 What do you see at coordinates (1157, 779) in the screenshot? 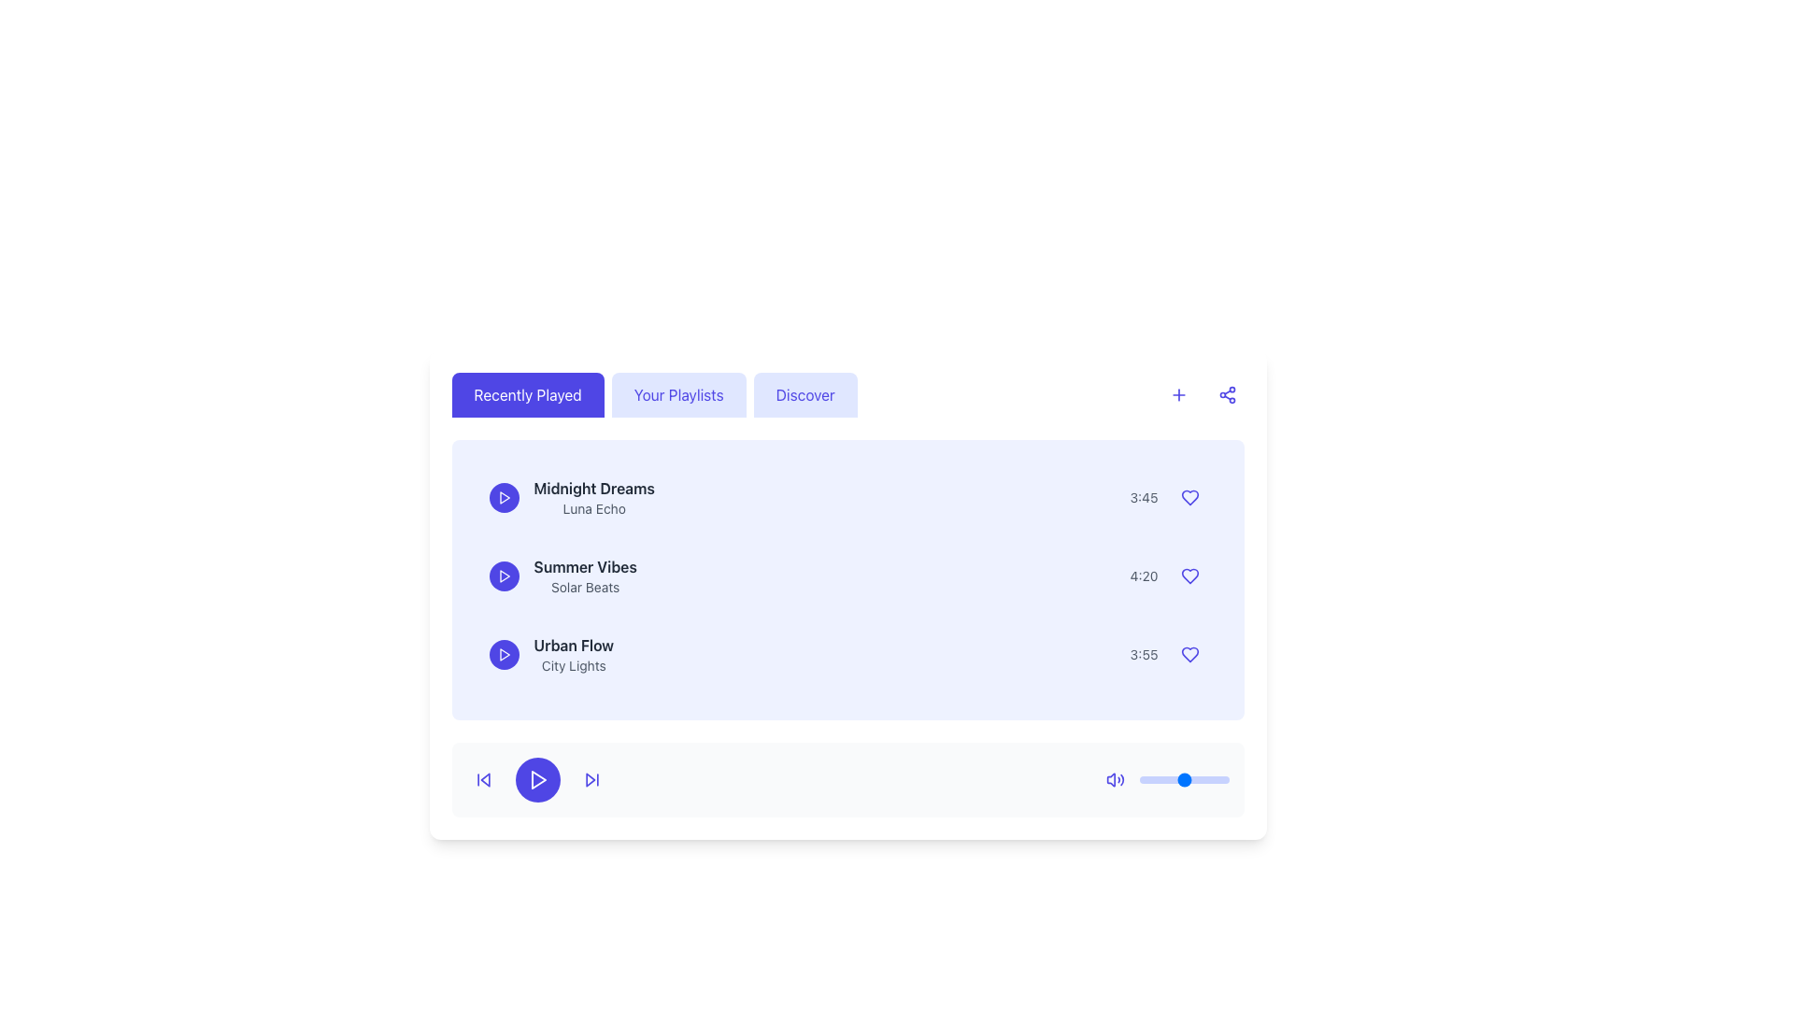
I see `the slider` at bounding box center [1157, 779].